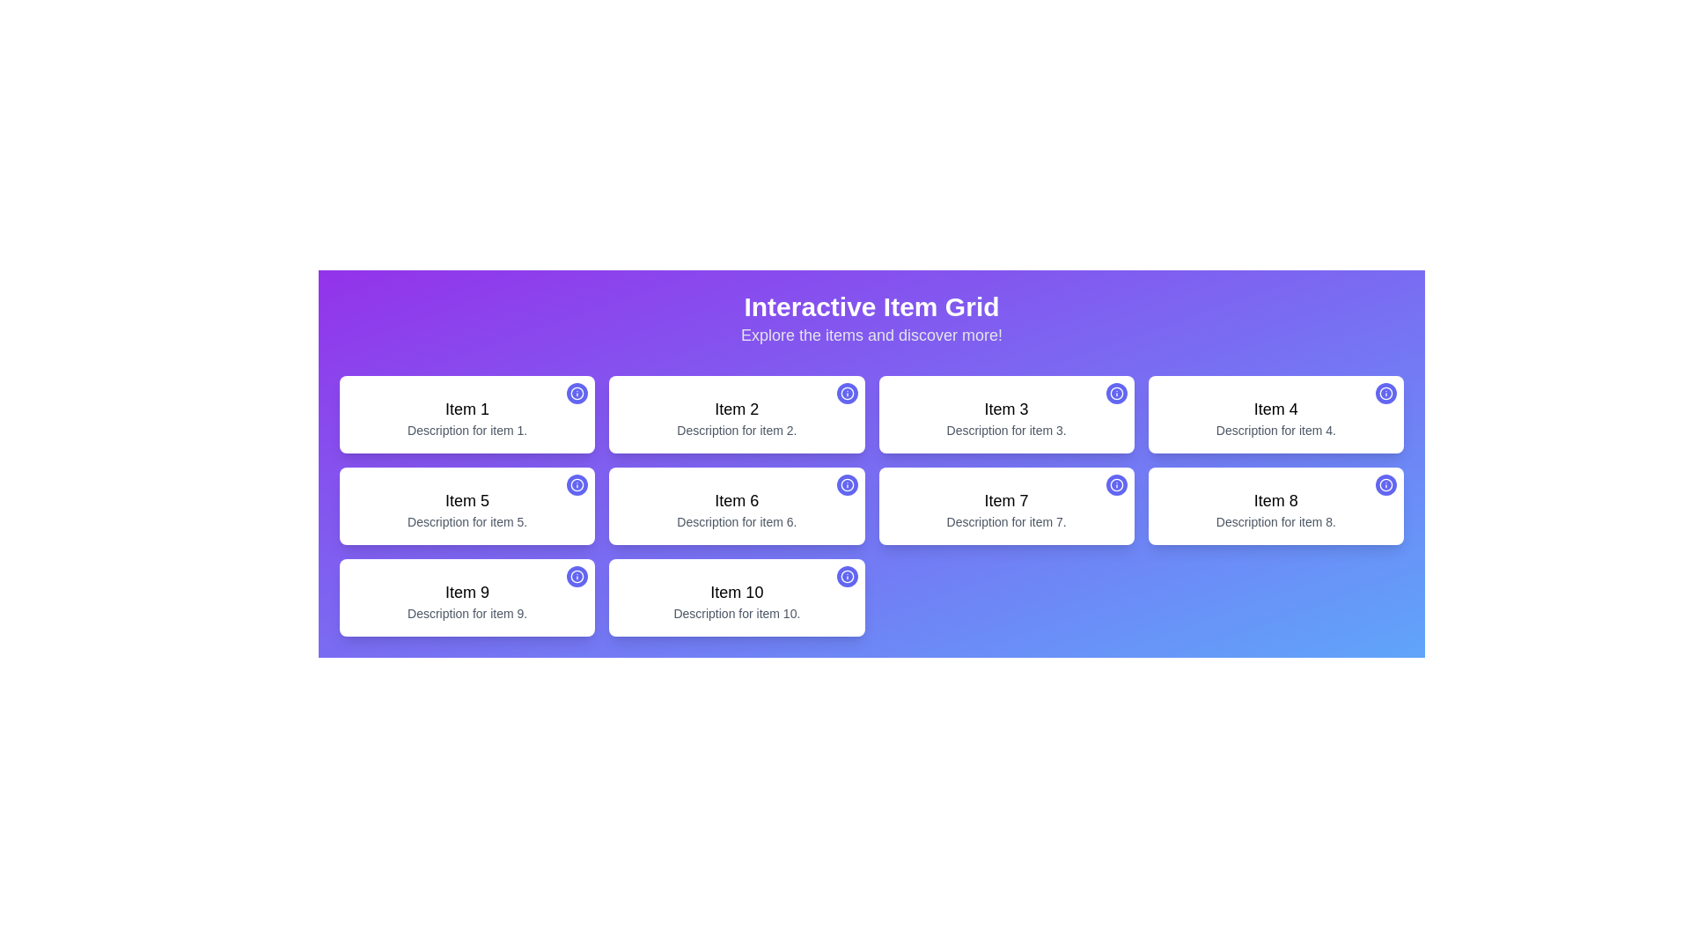  Describe the element at coordinates (847, 485) in the screenshot. I see `the graphical SVG element located at the center of the icon in the box titled 'Item 6', positioned in the top-right corner` at that location.